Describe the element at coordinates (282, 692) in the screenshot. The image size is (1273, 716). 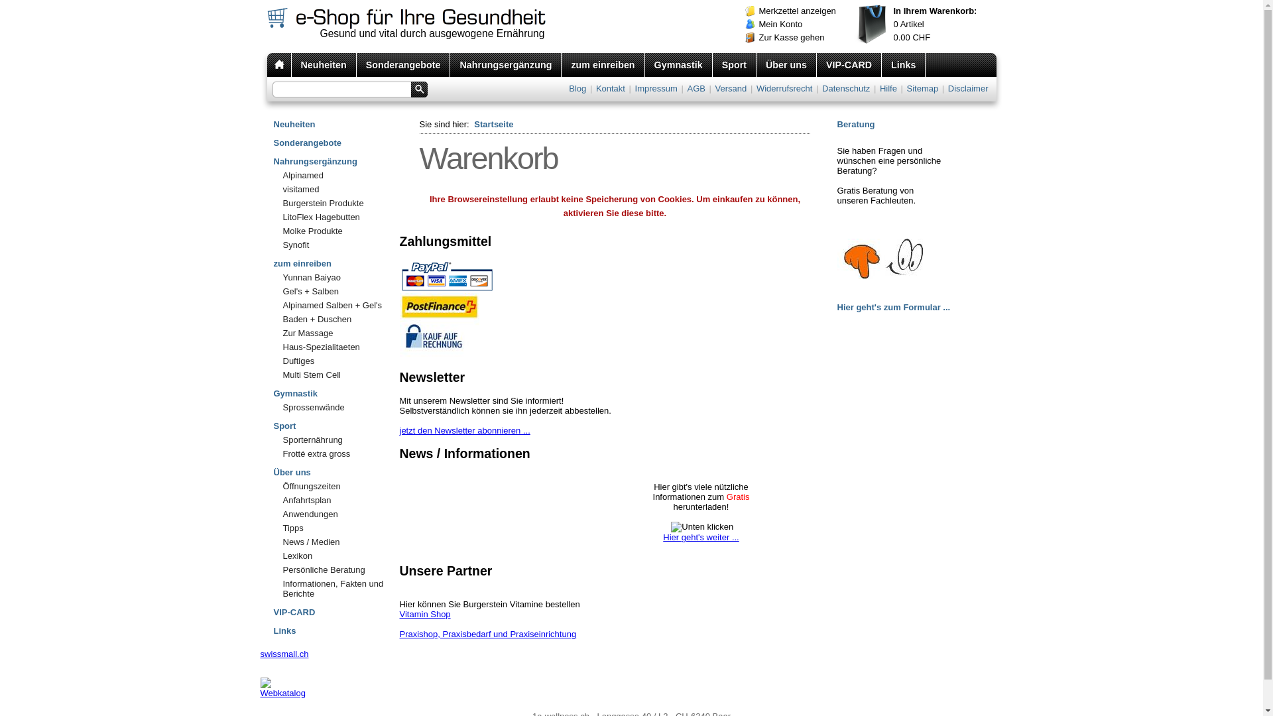
I see `'Webkatalog'` at that location.